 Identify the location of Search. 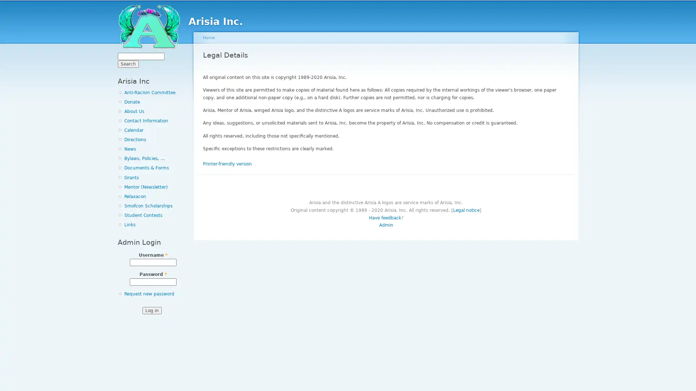
(128, 63).